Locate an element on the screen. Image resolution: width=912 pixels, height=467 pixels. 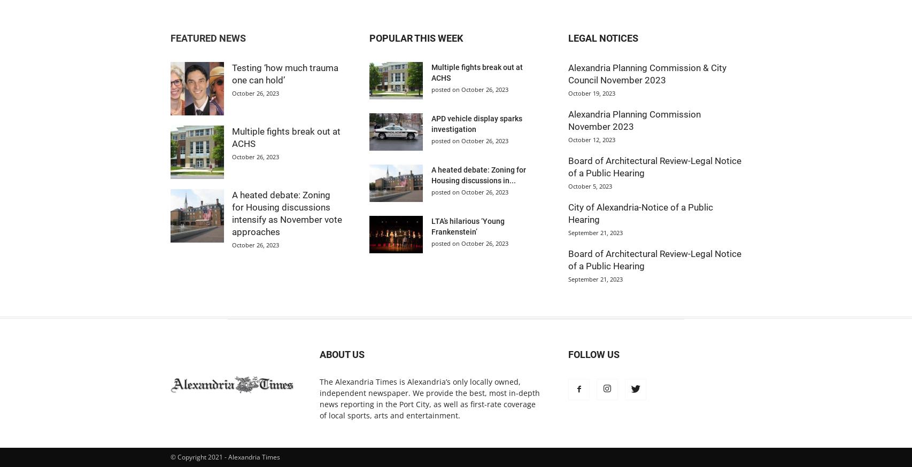
'© Copyright 2021 - Alexandria Times' is located at coordinates (225, 457).